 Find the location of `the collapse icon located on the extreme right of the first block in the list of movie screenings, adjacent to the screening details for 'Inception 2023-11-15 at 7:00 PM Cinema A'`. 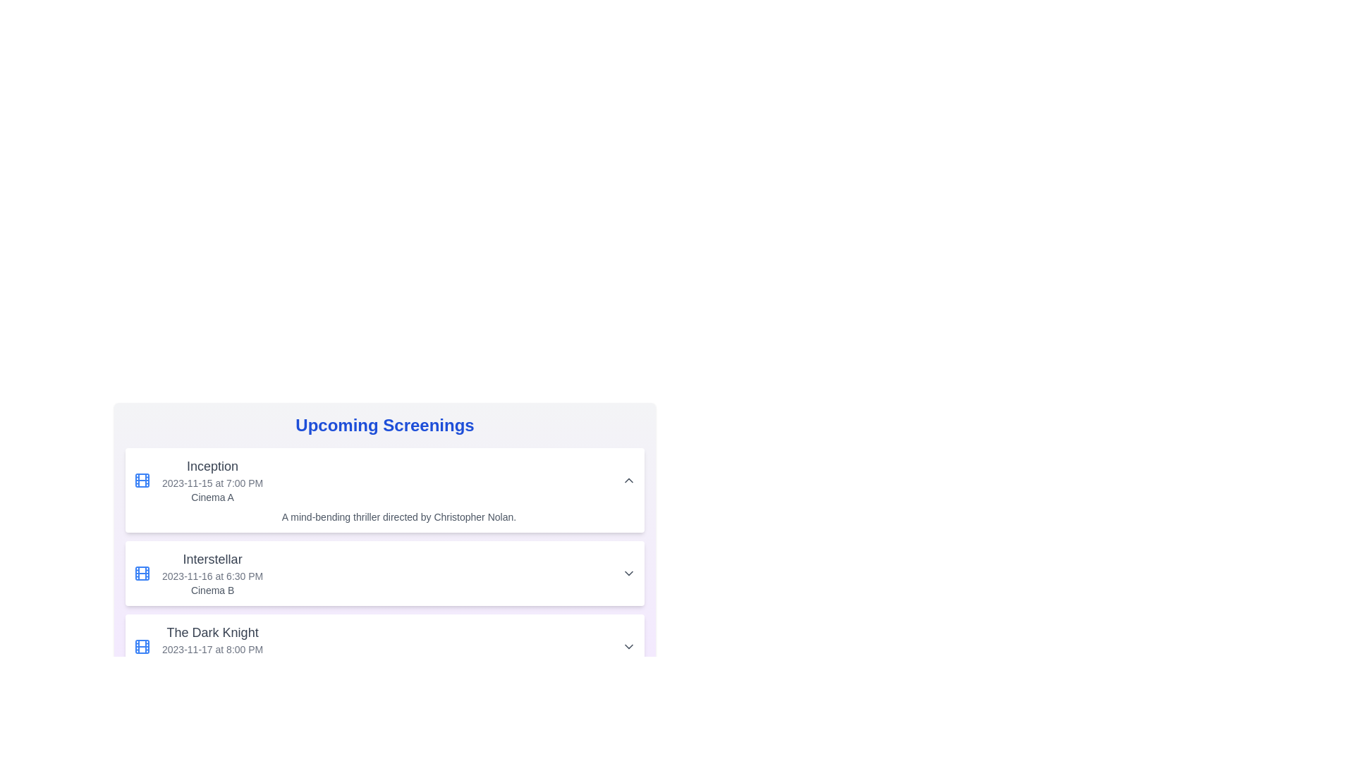

the collapse icon located on the extreme right of the first block in the list of movie screenings, adjacent to the screening details for 'Inception 2023-11-15 at 7:00 PM Cinema A' is located at coordinates (628, 480).